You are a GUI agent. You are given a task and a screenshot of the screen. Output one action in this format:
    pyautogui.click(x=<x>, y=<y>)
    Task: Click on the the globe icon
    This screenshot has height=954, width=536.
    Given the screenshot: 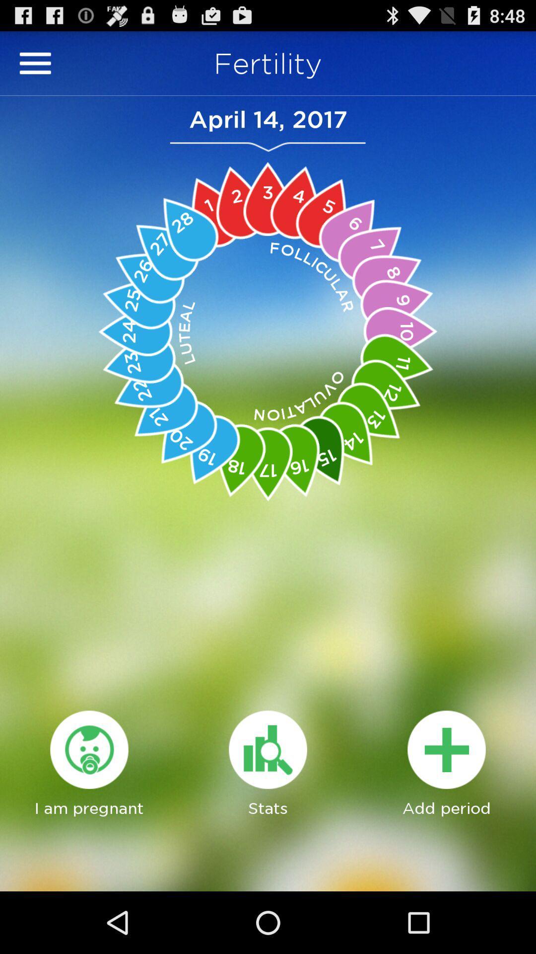 What is the action you would take?
    pyautogui.click(x=89, y=802)
    